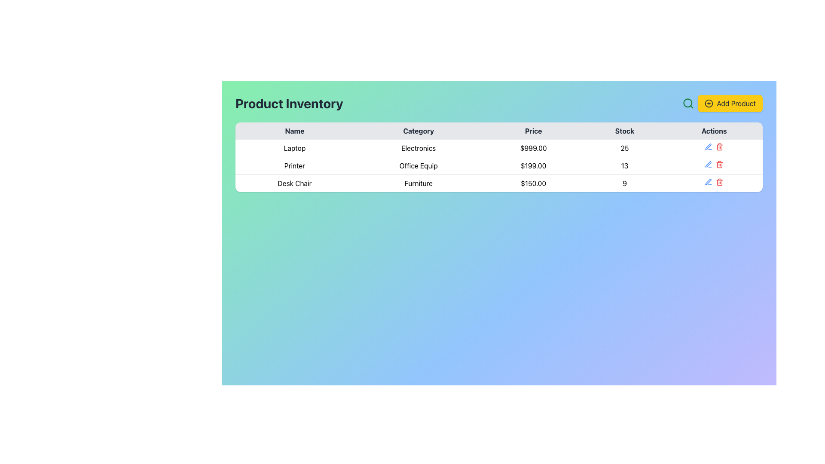 The image size is (825, 464). Describe the element at coordinates (419, 148) in the screenshot. I see `the value of the 'Electronics' text label, which is located in the second column of the first row in the product inventory table` at that location.